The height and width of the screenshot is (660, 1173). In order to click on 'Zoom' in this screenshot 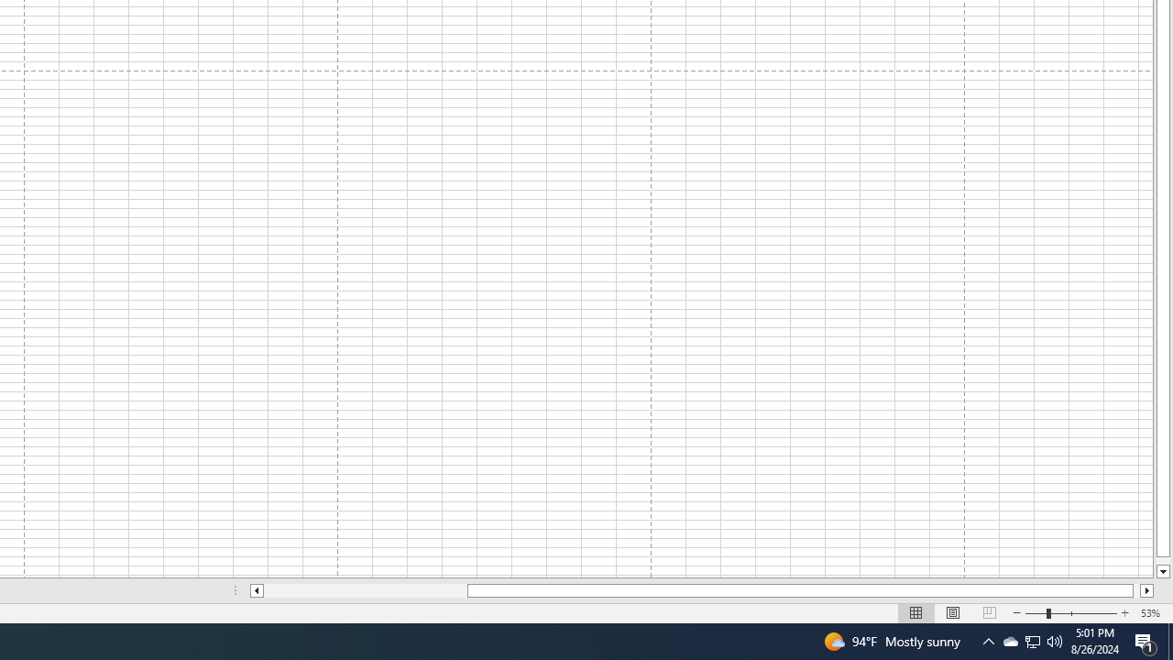, I will do `click(1070, 613)`.